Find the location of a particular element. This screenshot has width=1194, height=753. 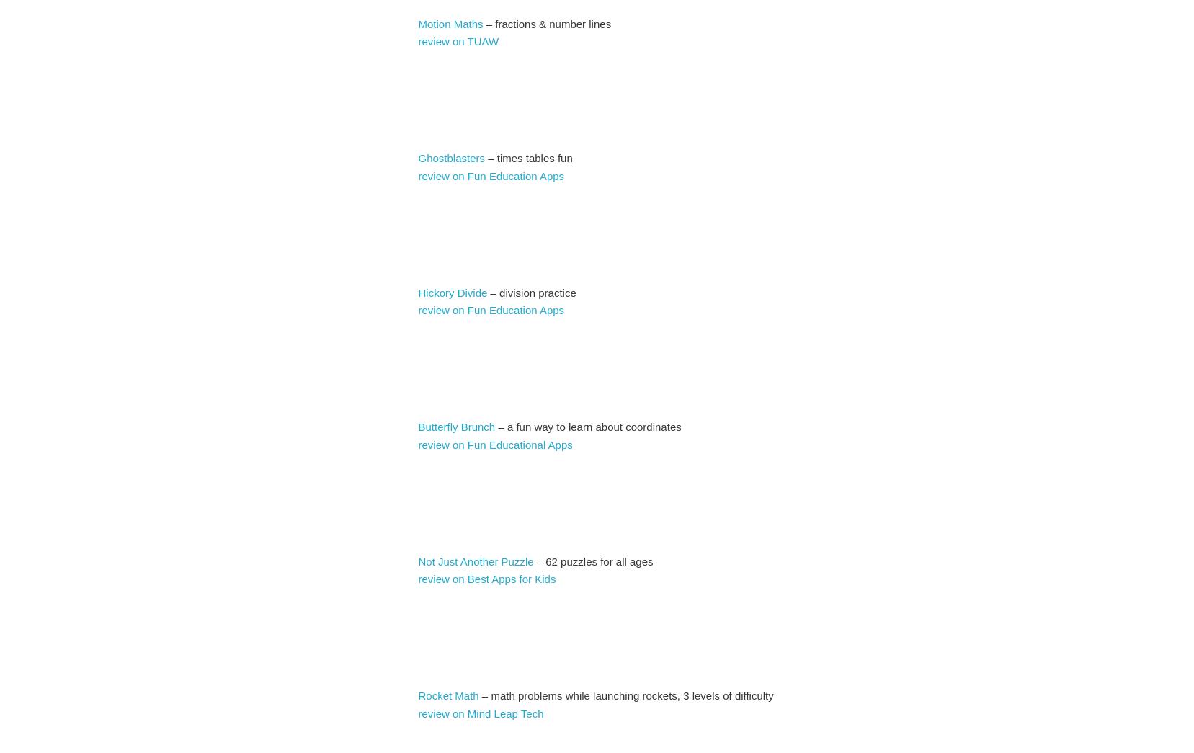

'– fractions & number lines' is located at coordinates (546, 22).